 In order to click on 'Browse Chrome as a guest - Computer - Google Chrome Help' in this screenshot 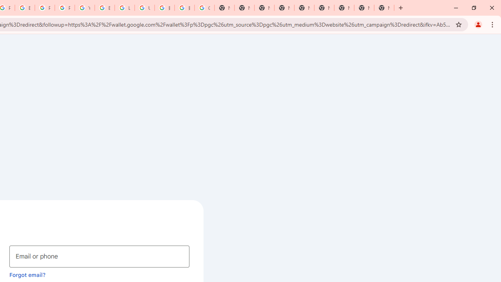, I will do `click(104, 8)`.